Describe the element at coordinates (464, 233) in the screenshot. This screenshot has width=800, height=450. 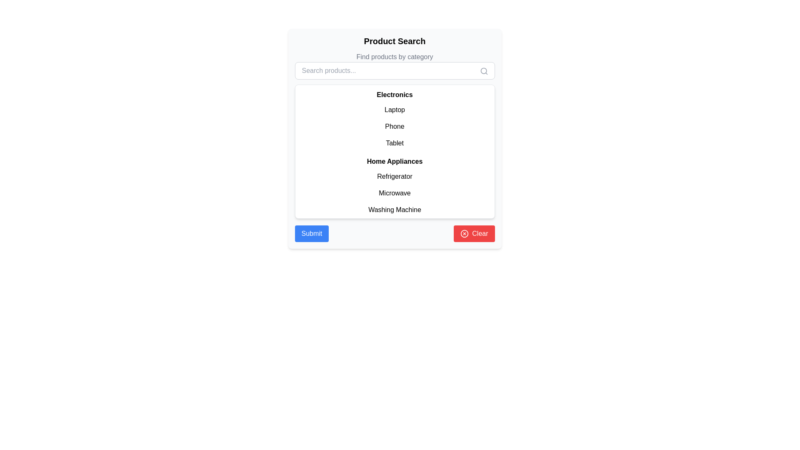
I see `the Clear action icon located at the bottom right corner of the panel` at that location.